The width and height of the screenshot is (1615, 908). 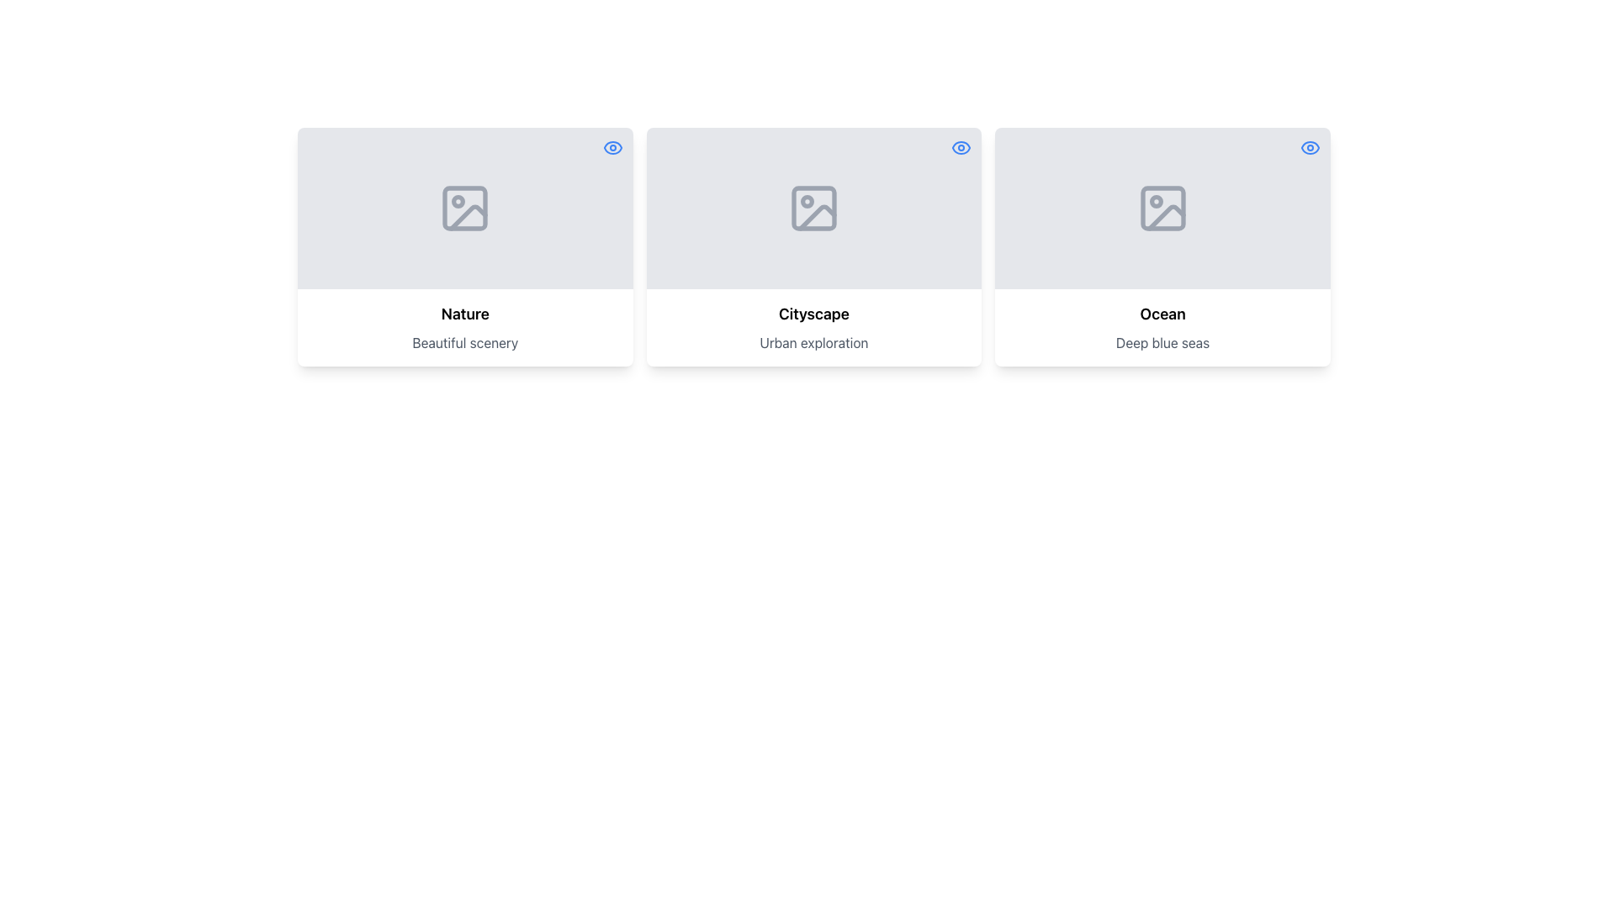 What do you see at coordinates (612, 147) in the screenshot?
I see `the circular blue eye icon in the top-right corner of the 'Nature' card` at bounding box center [612, 147].